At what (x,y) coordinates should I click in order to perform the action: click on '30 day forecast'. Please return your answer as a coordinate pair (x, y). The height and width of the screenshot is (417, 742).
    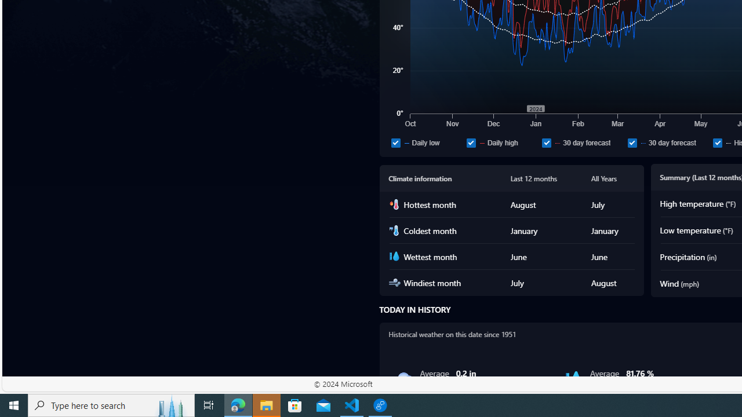
    Looking at the image, I should click on (631, 142).